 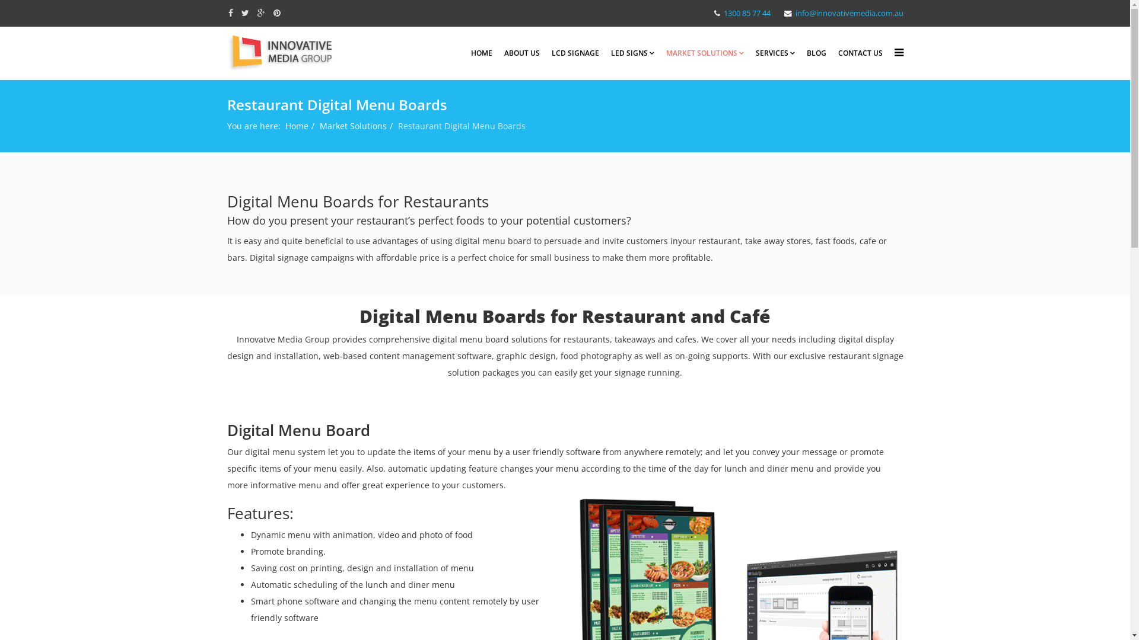 I want to click on 'Market Solutions', so click(x=352, y=126).